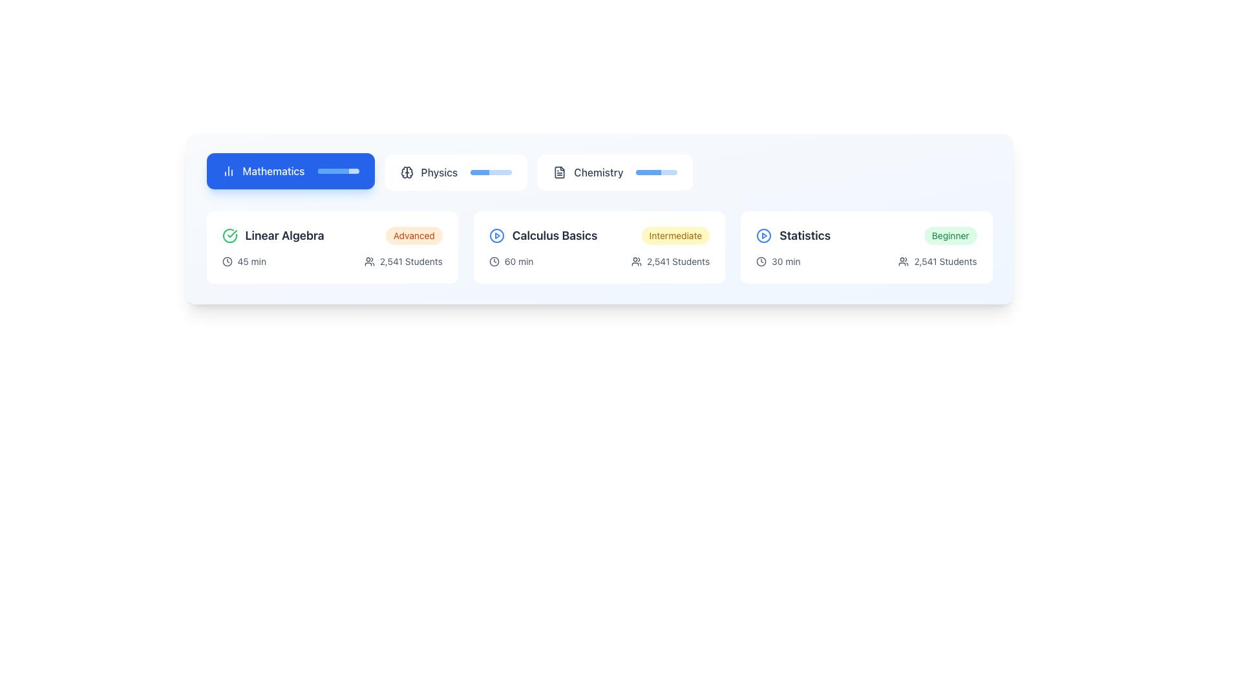 Image resolution: width=1241 pixels, height=698 pixels. What do you see at coordinates (950, 236) in the screenshot?
I see `the pill-shaped badge labeled 'Beginner' with a green font on a light green background located in the top-right corner of the 'Statistics' card` at bounding box center [950, 236].